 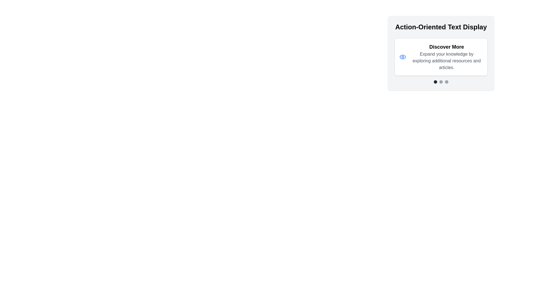 What do you see at coordinates (446, 57) in the screenshot?
I see `the informational text display located centrally within the card, to the right of a small icon, which prompts users` at bounding box center [446, 57].